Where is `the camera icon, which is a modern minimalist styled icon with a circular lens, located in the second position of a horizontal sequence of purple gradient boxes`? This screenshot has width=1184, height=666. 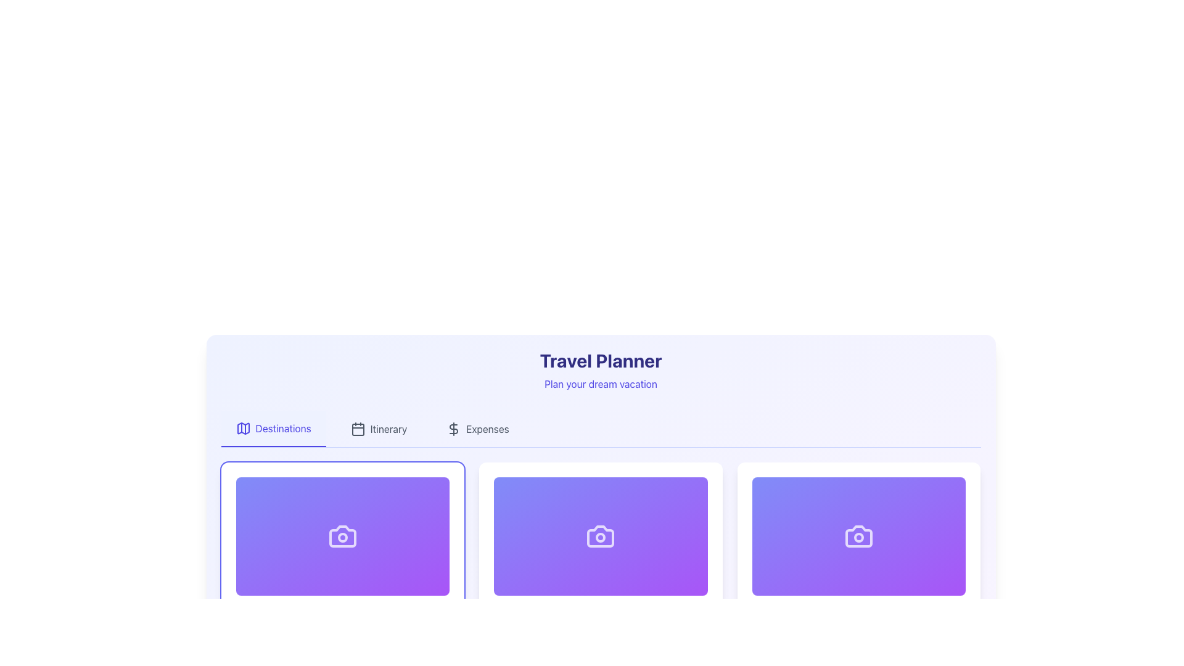
the camera icon, which is a modern minimalist styled icon with a circular lens, located in the second position of a horizontal sequence of purple gradient boxes is located at coordinates (858, 536).